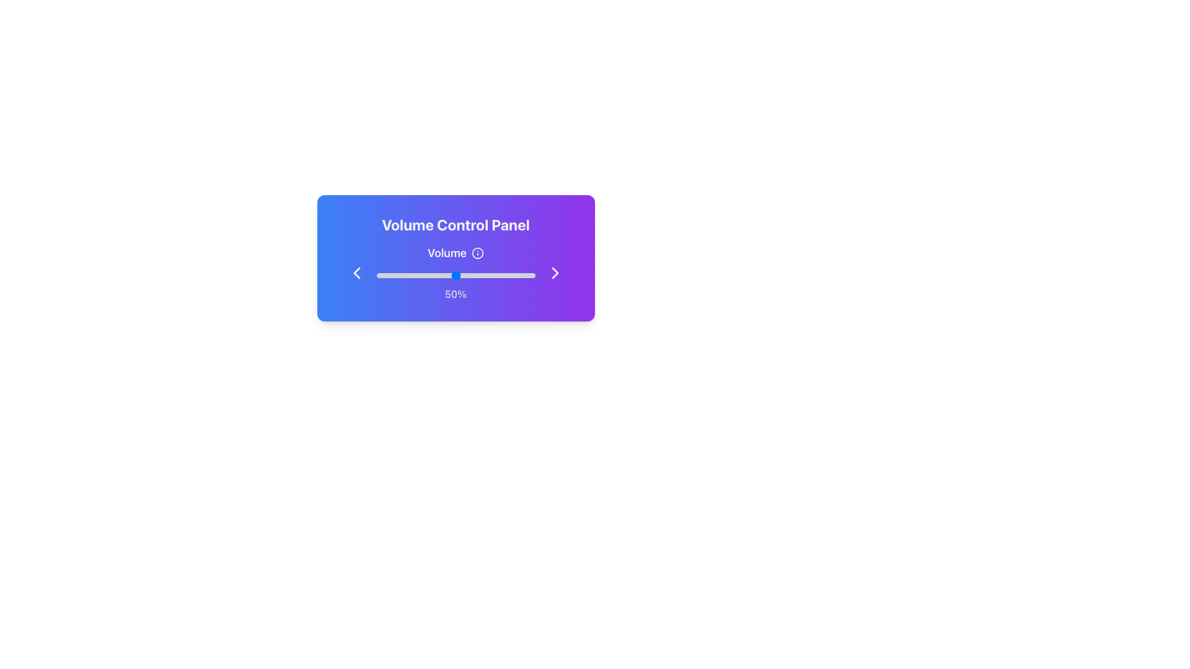  What do you see at coordinates (511, 274) in the screenshot?
I see `the volume level` at bounding box center [511, 274].